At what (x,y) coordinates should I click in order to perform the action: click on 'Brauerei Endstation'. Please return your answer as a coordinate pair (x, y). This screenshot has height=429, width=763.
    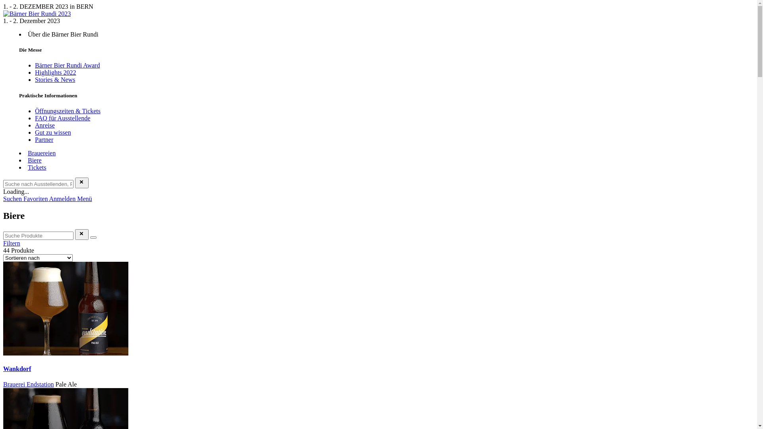
    Looking at the image, I should click on (29, 384).